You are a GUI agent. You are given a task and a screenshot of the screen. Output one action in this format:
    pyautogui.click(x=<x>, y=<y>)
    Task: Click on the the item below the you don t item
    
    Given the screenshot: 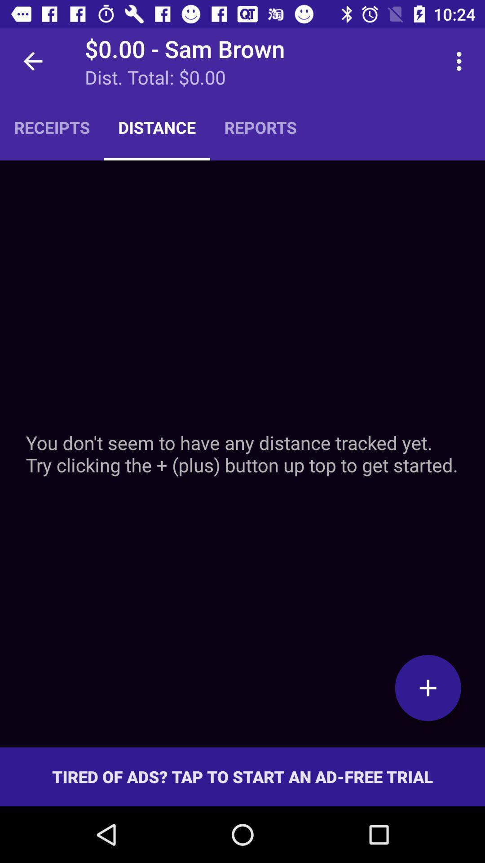 What is the action you would take?
    pyautogui.click(x=428, y=687)
    